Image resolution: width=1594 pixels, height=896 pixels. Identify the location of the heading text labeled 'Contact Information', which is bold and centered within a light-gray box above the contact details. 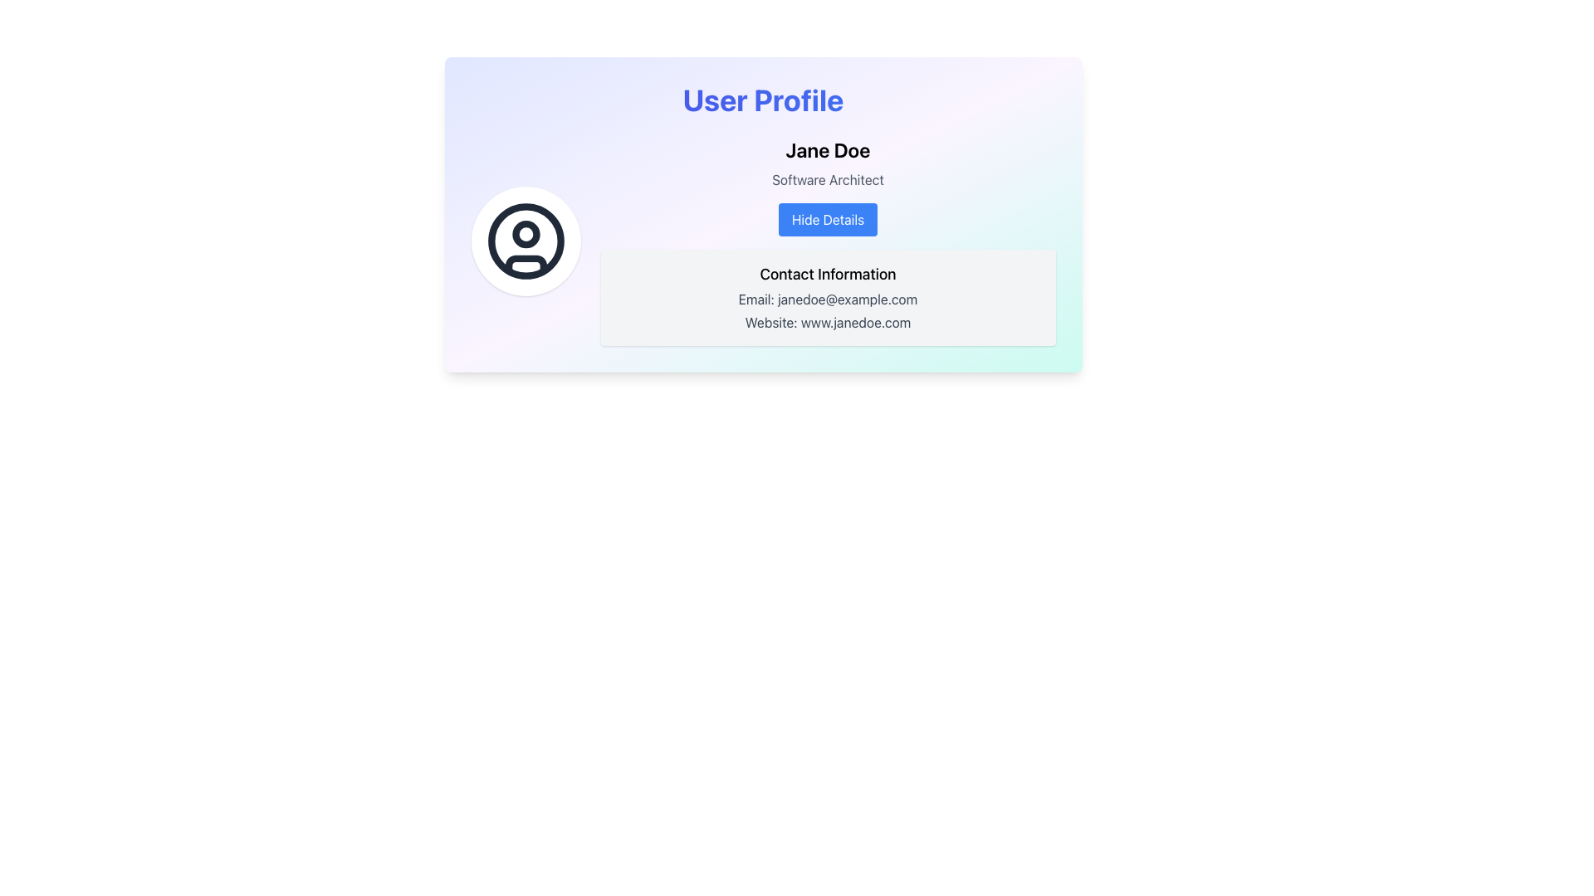
(828, 274).